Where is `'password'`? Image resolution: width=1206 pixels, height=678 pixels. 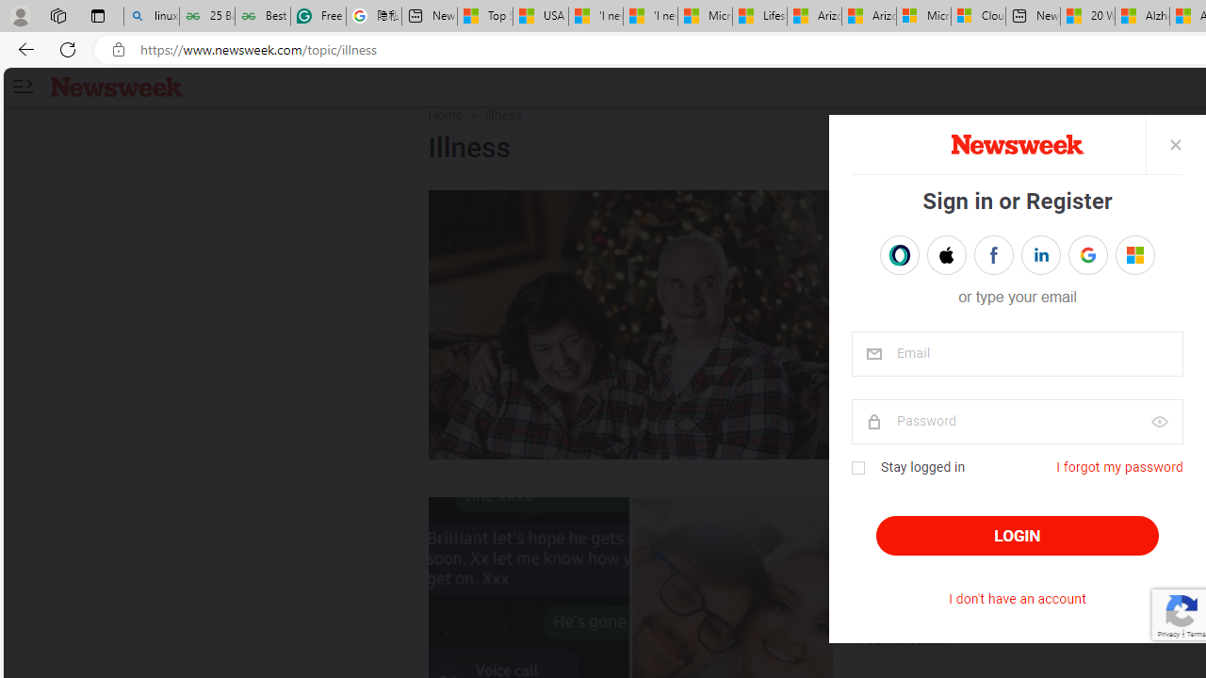 'password' is located at coordinates (1016, 421).